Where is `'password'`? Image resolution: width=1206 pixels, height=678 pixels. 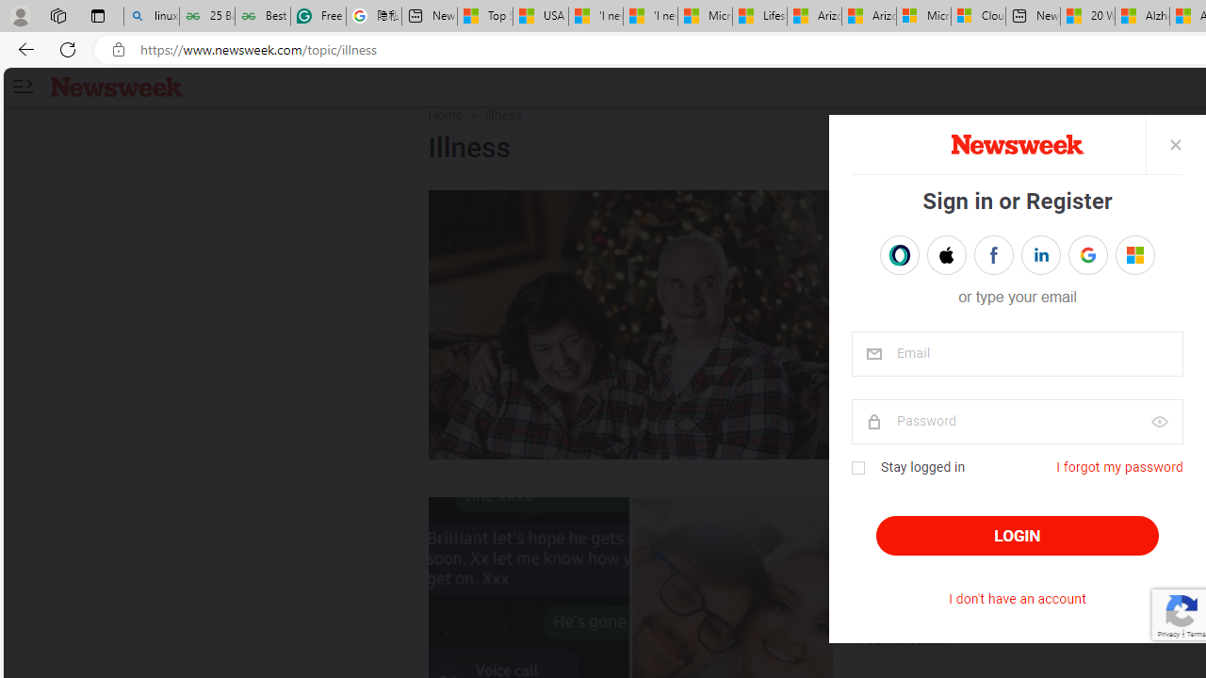 'password' is located at coordinates (1016, 421).